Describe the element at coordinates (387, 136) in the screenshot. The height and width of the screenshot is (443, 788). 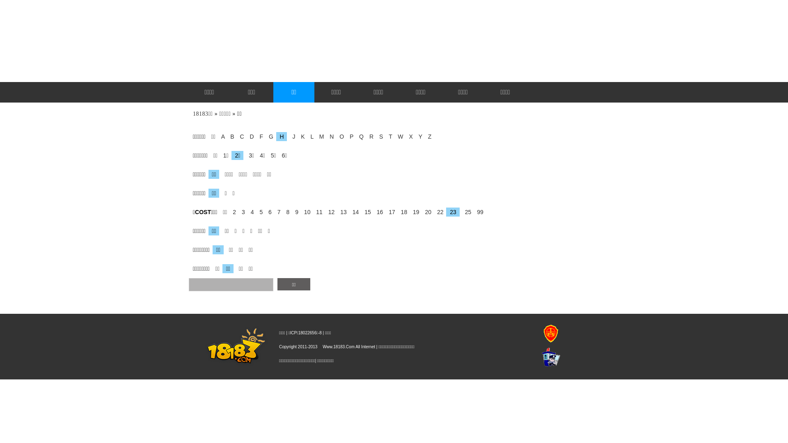
I see `'T'` at that location.